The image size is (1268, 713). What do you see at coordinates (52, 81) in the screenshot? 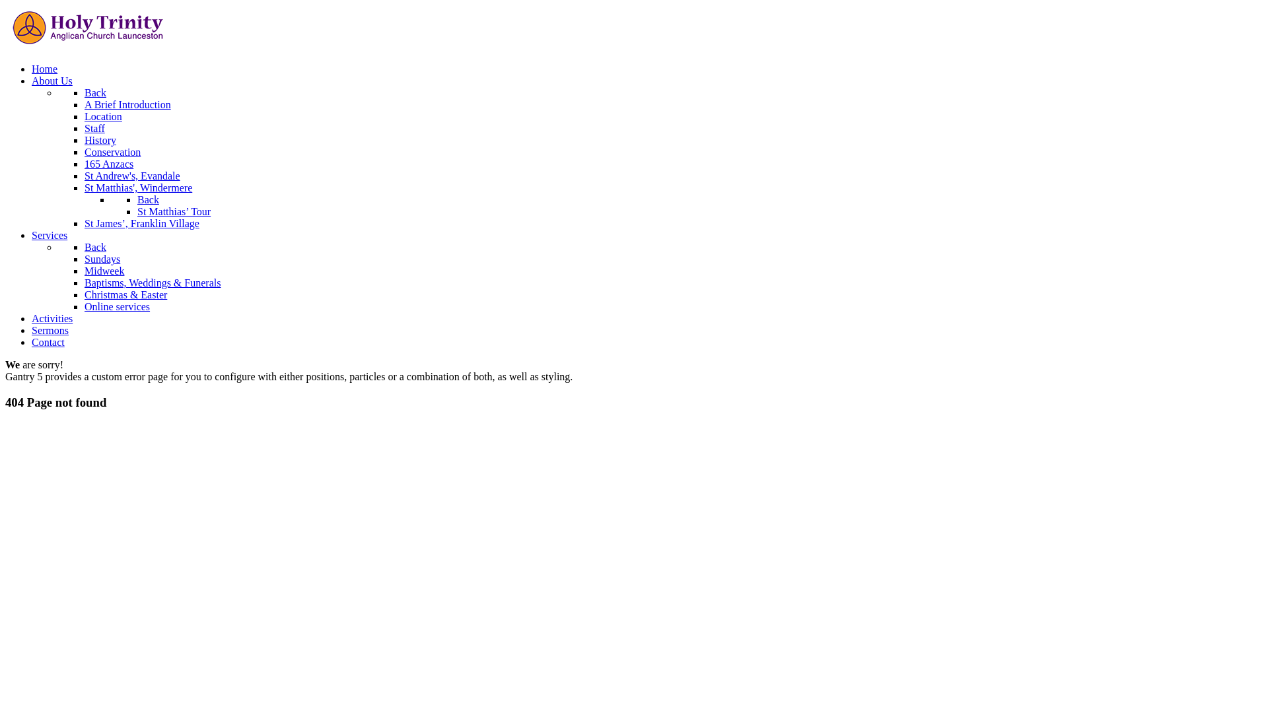
I see `'About Us'` at bounding box center [52, 81].